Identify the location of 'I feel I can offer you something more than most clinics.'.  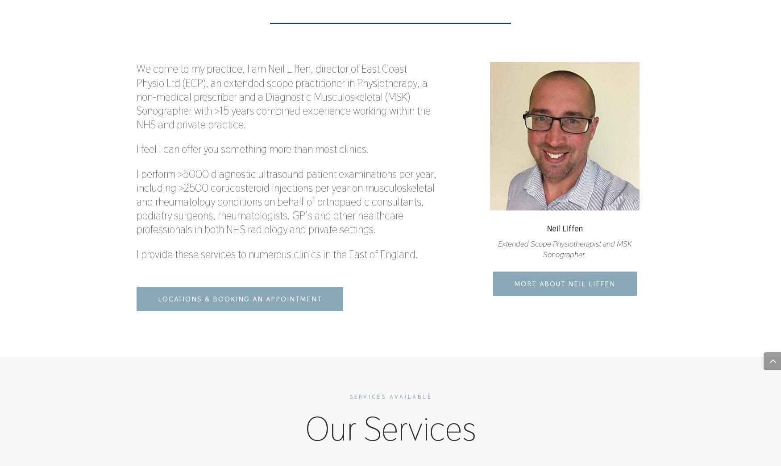
(252, 149).